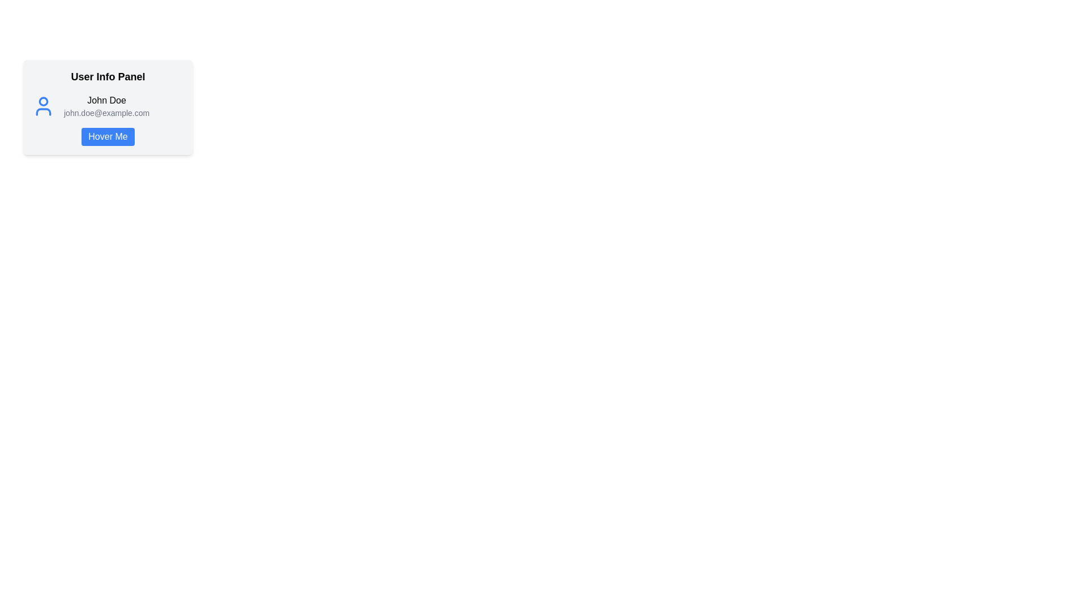  I want to click on the User information panel section that includes a blue icon representing a person, with the name 'John Doe' and email 'john.doe@example.com', located in the 'User Info Panel', so click(108, 106).